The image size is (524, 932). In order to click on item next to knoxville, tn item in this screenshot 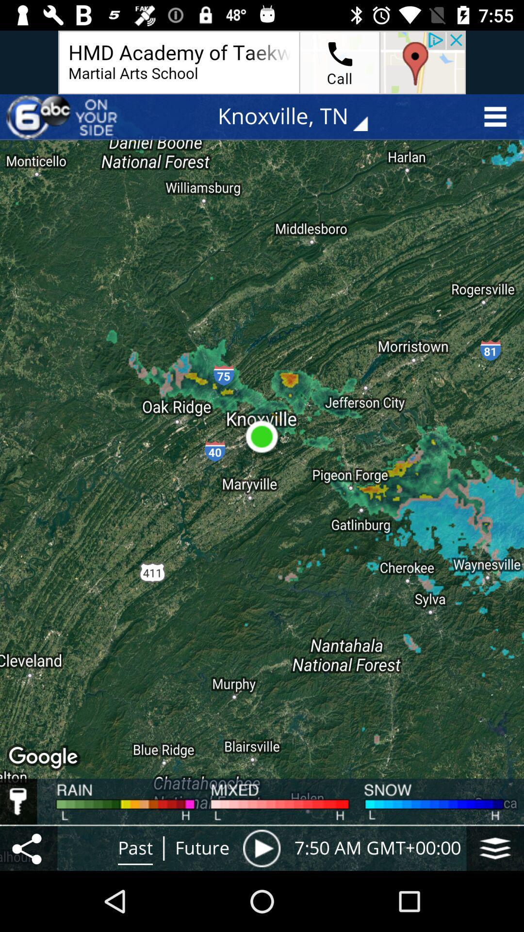, I will do `click(64, 116)`.